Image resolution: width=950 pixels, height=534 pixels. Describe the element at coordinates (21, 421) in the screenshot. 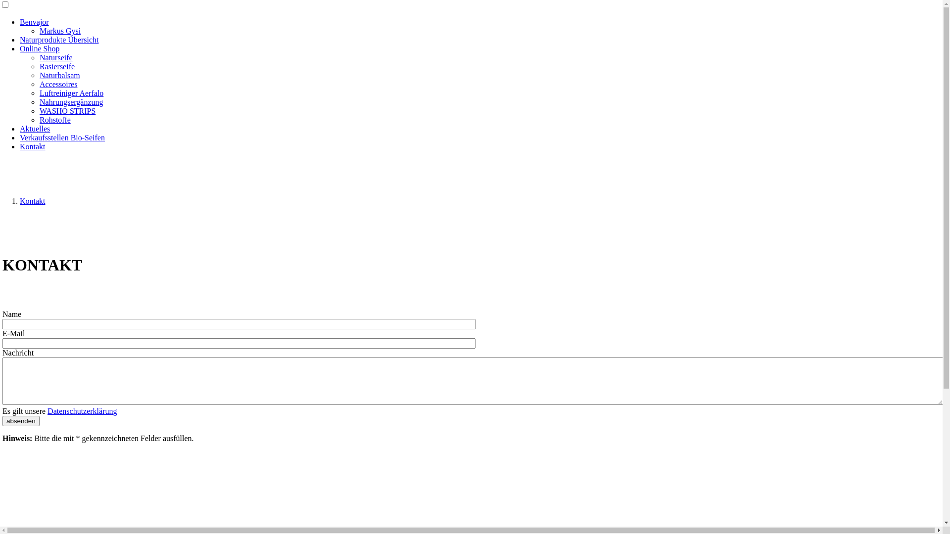

I see `'absenden'` at that location.